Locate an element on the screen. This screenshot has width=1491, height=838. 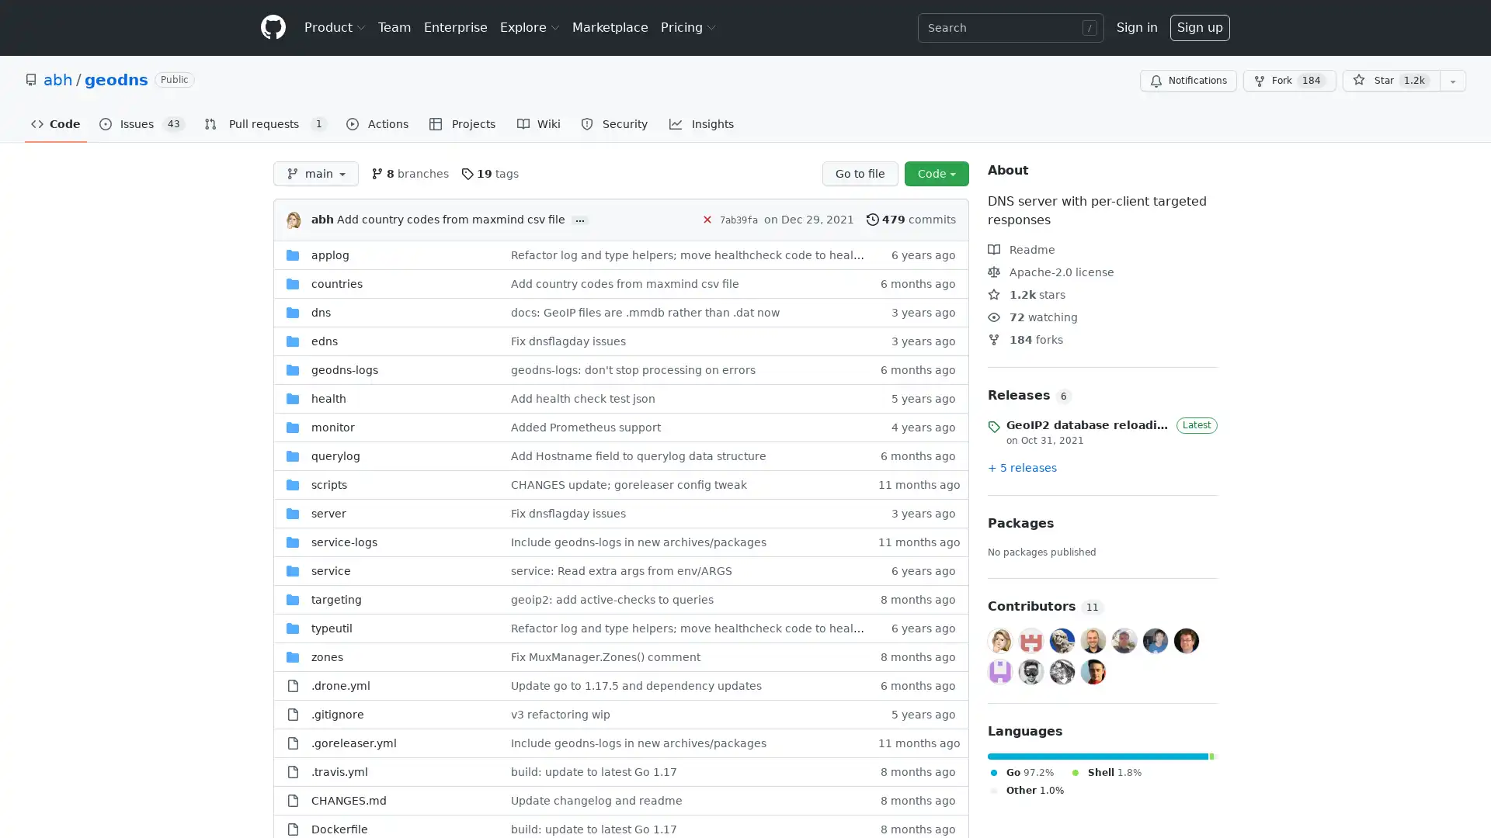
You must be signed in to add this repository to a list is located at coordinates (1452, 81).